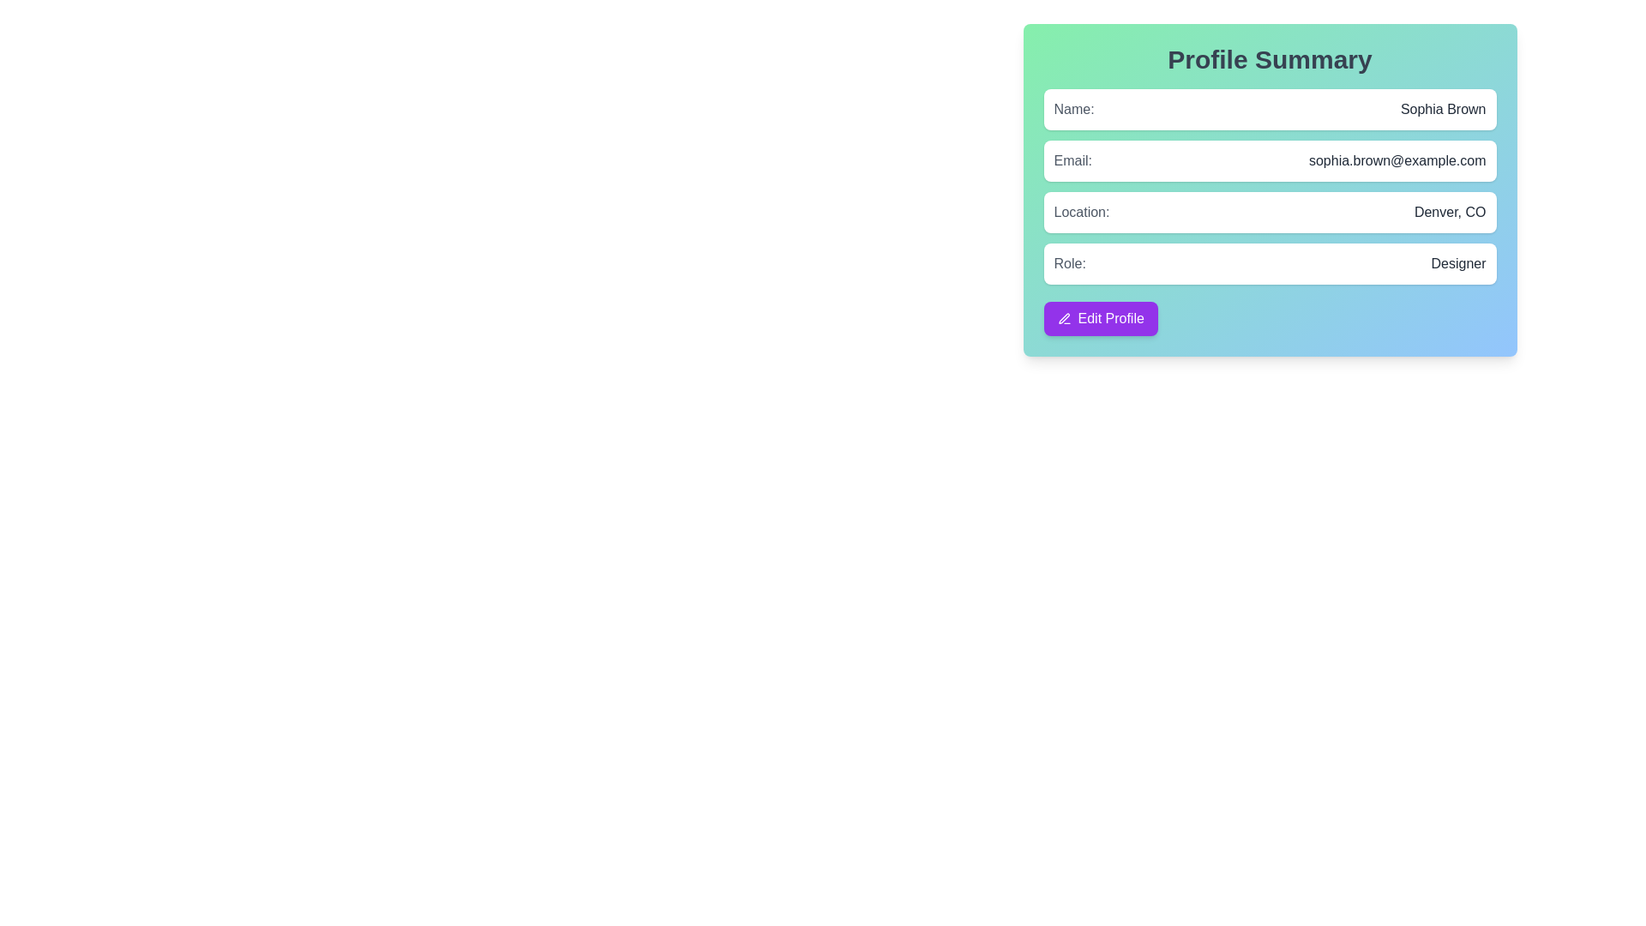 The height and width of the screenshot is (926, 1646). I want to click on the pen icon inside the purple 'Edit Profile' button located at the bottom-left corner of the 'Profile Summary' card, so click(1063, 318).